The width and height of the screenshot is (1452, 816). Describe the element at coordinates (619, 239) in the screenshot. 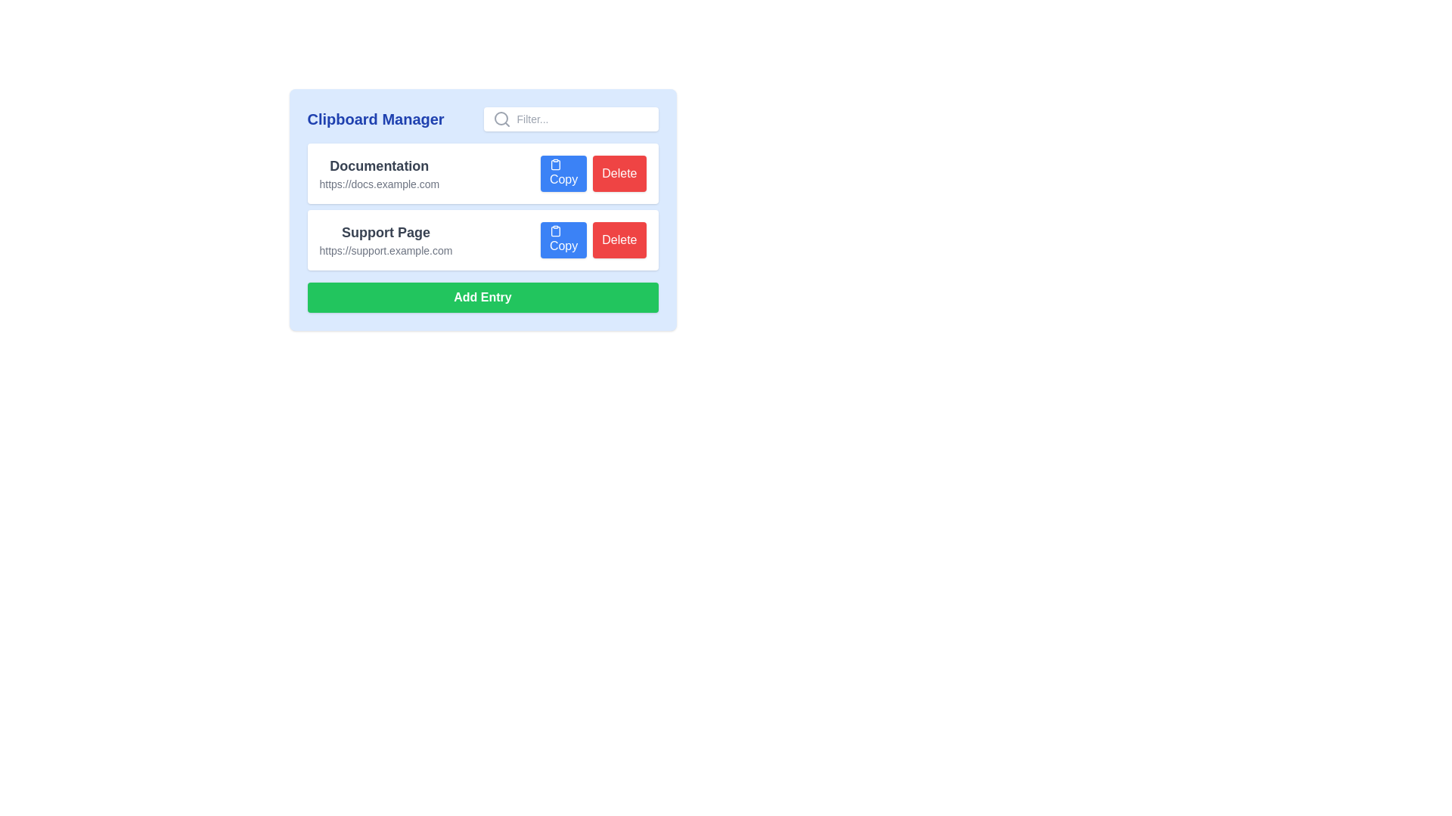

I see `the 'Delete' button, which is a rectangular button with a red background and white text labeled 'Delete', located in the upper-right corner of its grouping` at that location.